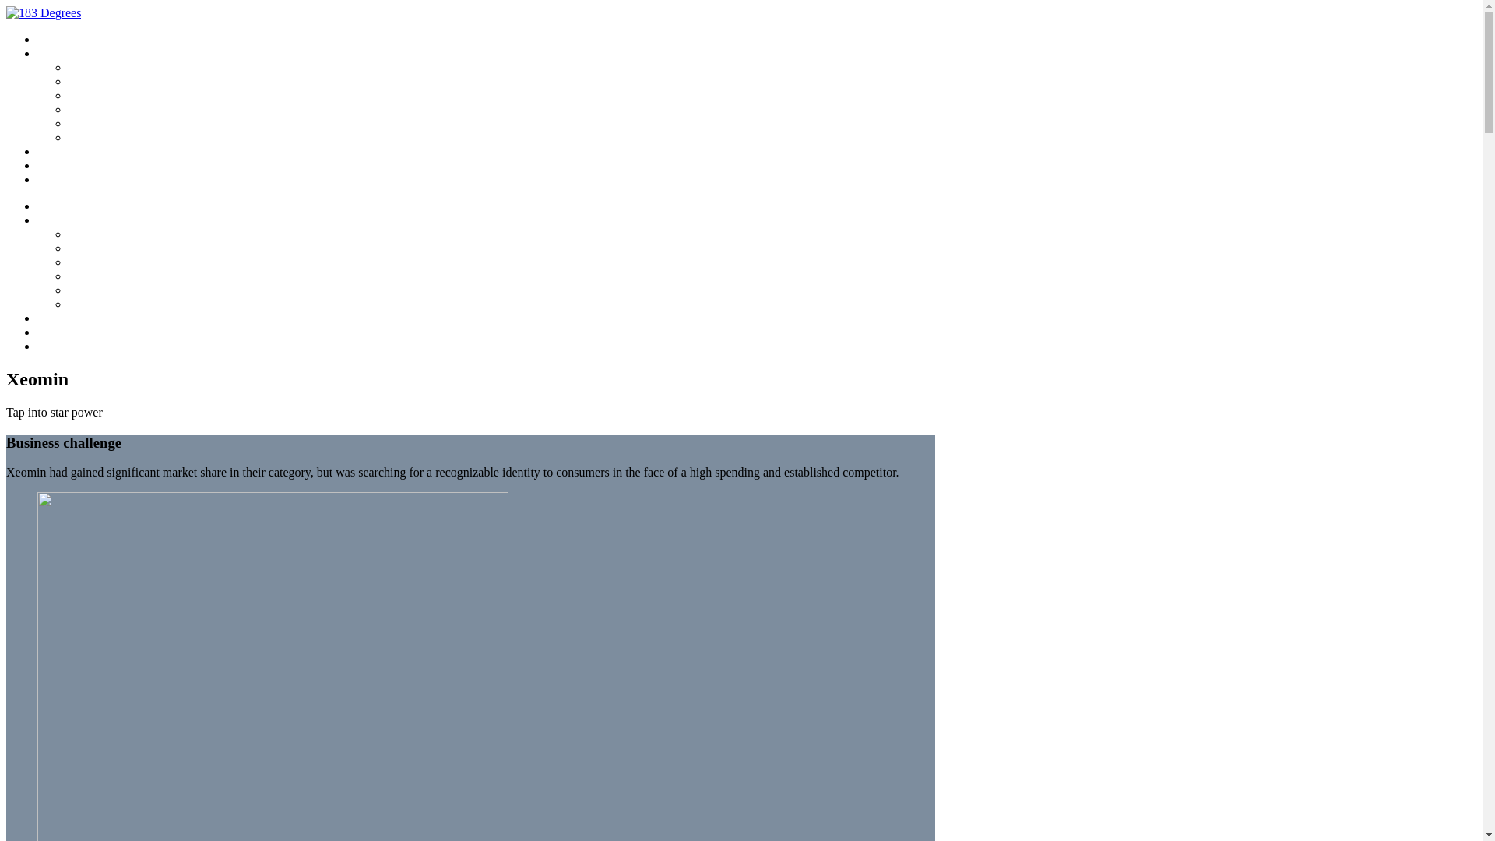 This screenshot has height=841, width=1495. Describe the element at coordinates (44, 12) in the screenshot. I see `'183 Degrees'` at that location.